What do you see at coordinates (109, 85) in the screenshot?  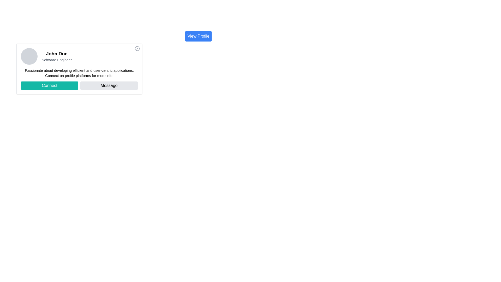 I see `the messaging button located to the right of the 'Connect' button` at bounding box center [109, 85].